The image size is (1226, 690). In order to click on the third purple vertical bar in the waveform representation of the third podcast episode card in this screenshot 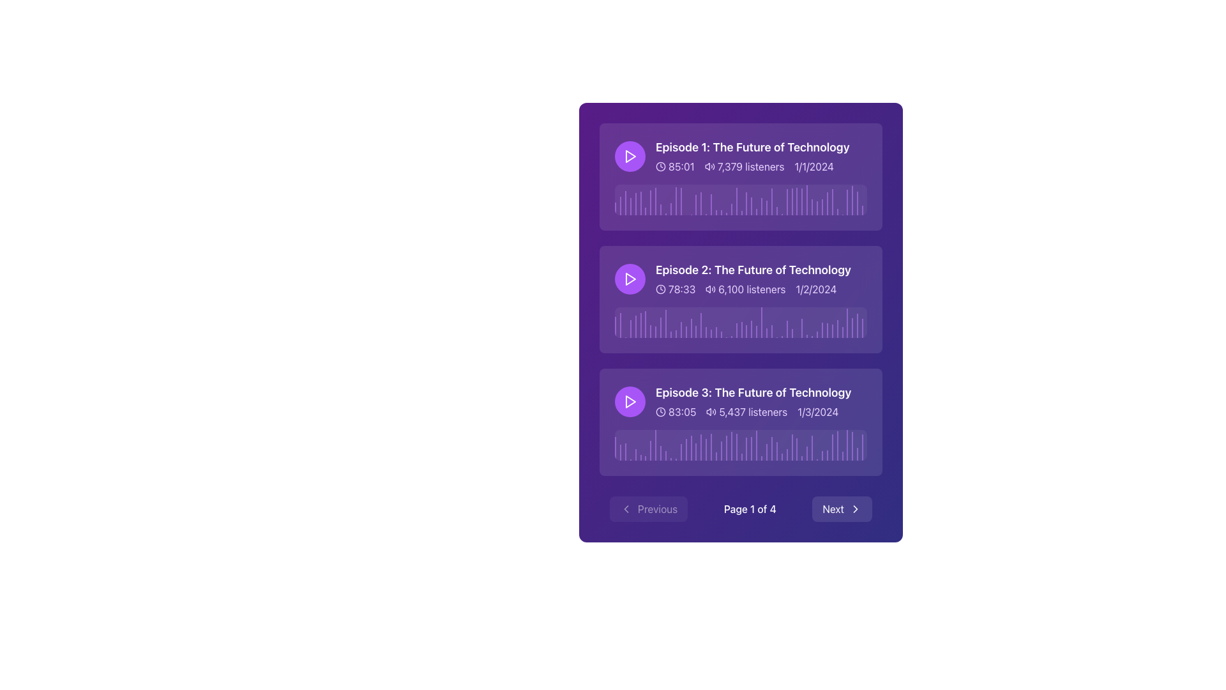, I will do `click(625, 451)`.